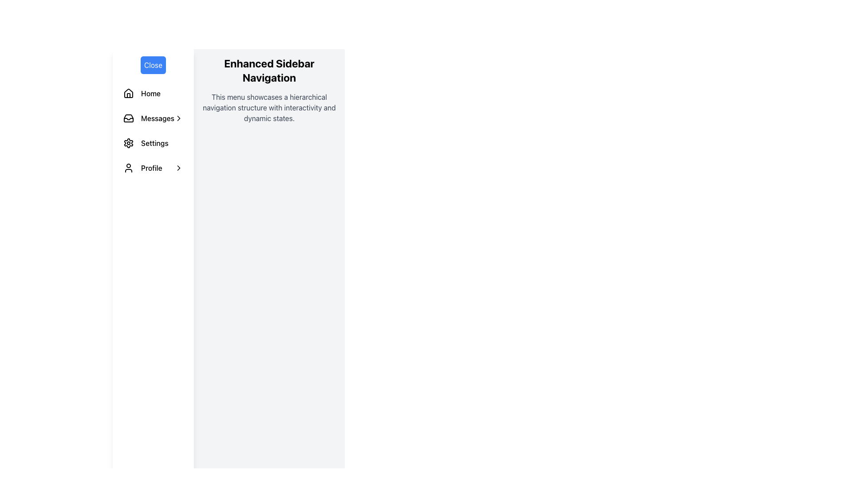 The width and height of the screenshot is (852, 479). What do you see at coordinates (128, 143) in the screenshot?
I see `the settings menu item represented by a gear icon located third from the top in the vertical navigation panel` at bounding box center [128, 143].